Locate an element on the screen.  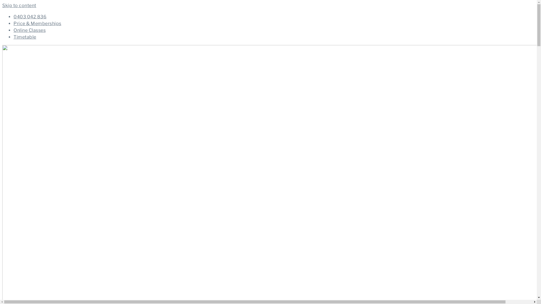
'Skip to content' is located at coordinates (19, 5).